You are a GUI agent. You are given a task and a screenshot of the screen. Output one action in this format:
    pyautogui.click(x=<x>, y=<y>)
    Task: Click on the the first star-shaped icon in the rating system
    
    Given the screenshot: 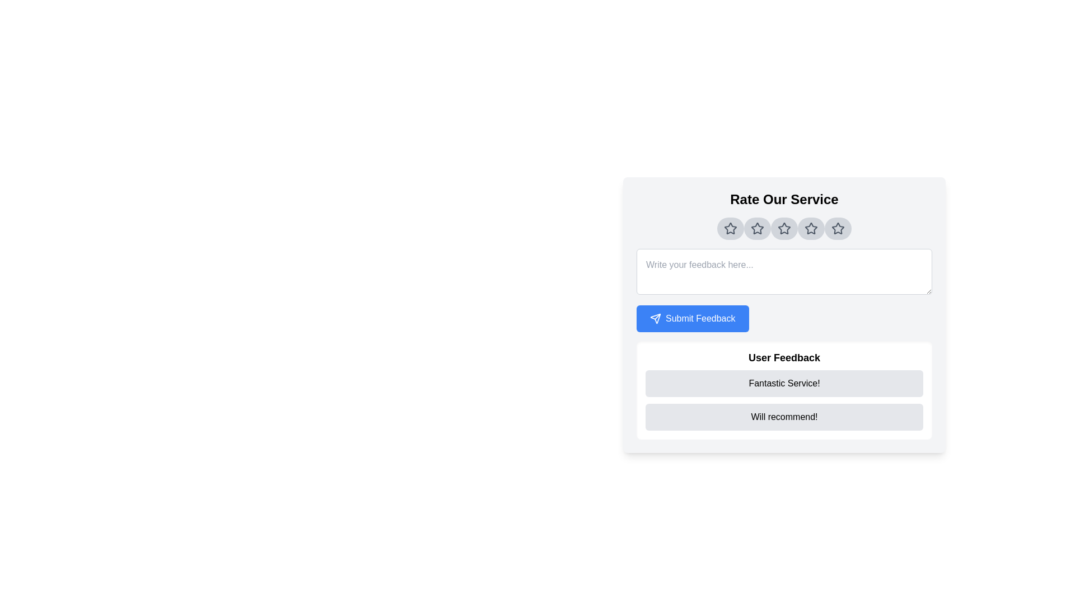 What is the action you would take?
    pyautogui.click(x=731, y=228)
    